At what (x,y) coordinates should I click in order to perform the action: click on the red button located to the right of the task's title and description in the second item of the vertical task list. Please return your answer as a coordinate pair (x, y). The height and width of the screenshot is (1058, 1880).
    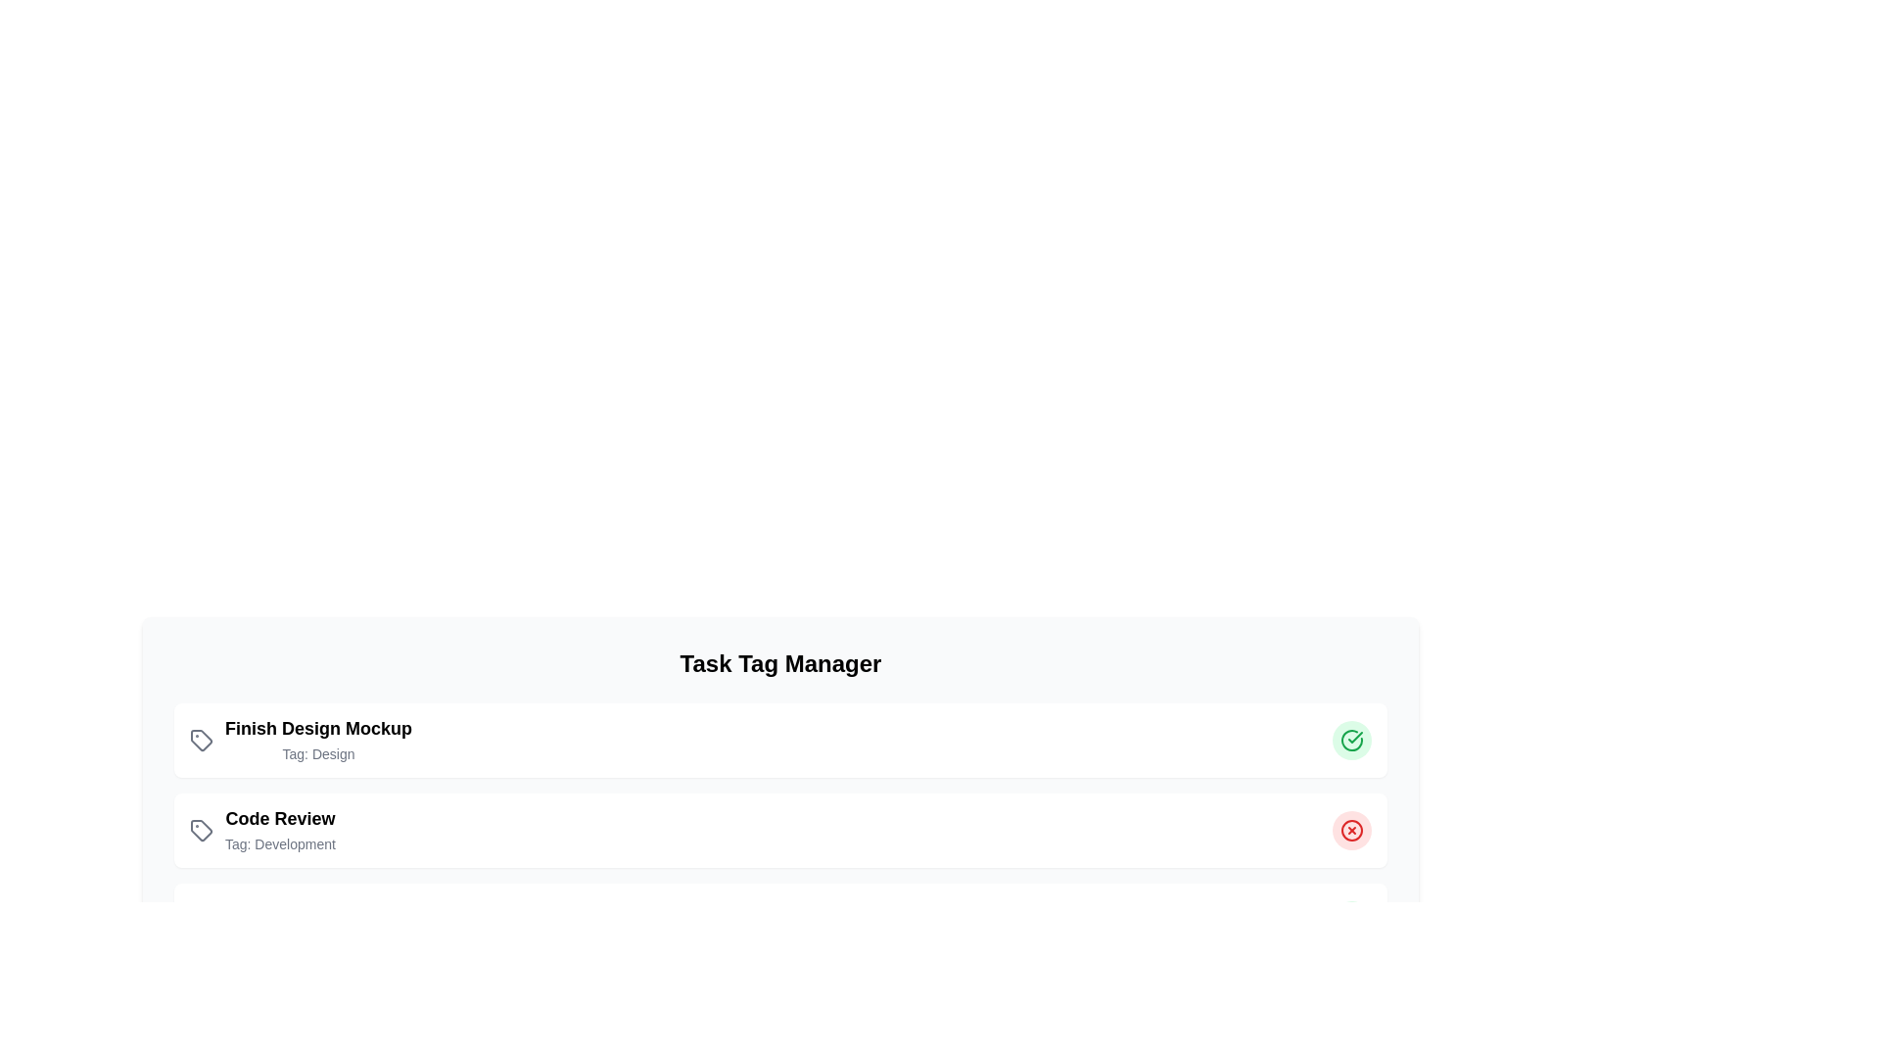
    Looking at the image, I should click on (1351, 831).